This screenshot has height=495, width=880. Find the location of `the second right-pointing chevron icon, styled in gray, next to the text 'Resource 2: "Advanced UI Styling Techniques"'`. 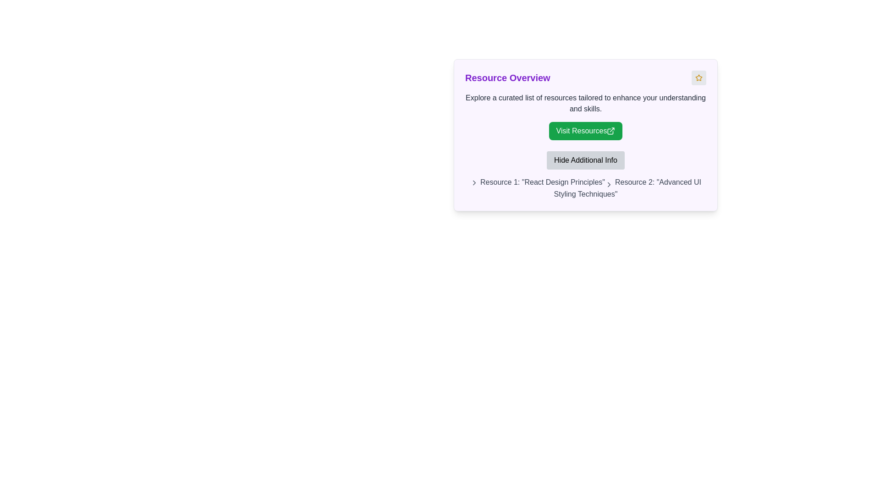

the second right-pointing chevron icon, styled in gray, next to the text 'Resource 2: "Advanced UI Styling Techniques"' is located at coordinates (609, 184).